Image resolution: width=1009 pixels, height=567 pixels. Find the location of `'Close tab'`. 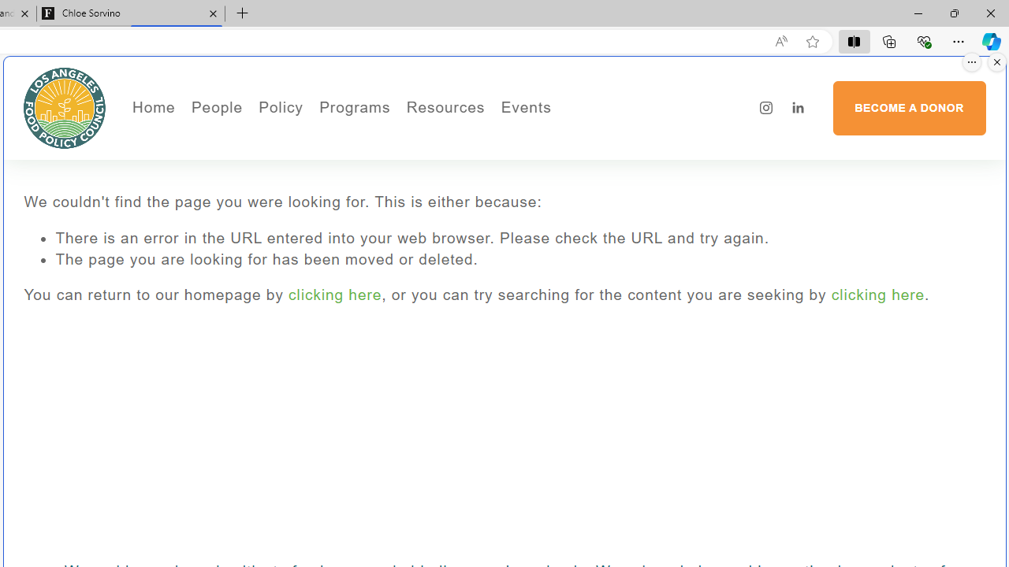

'Close tab' is located at coordinates (212, 13).